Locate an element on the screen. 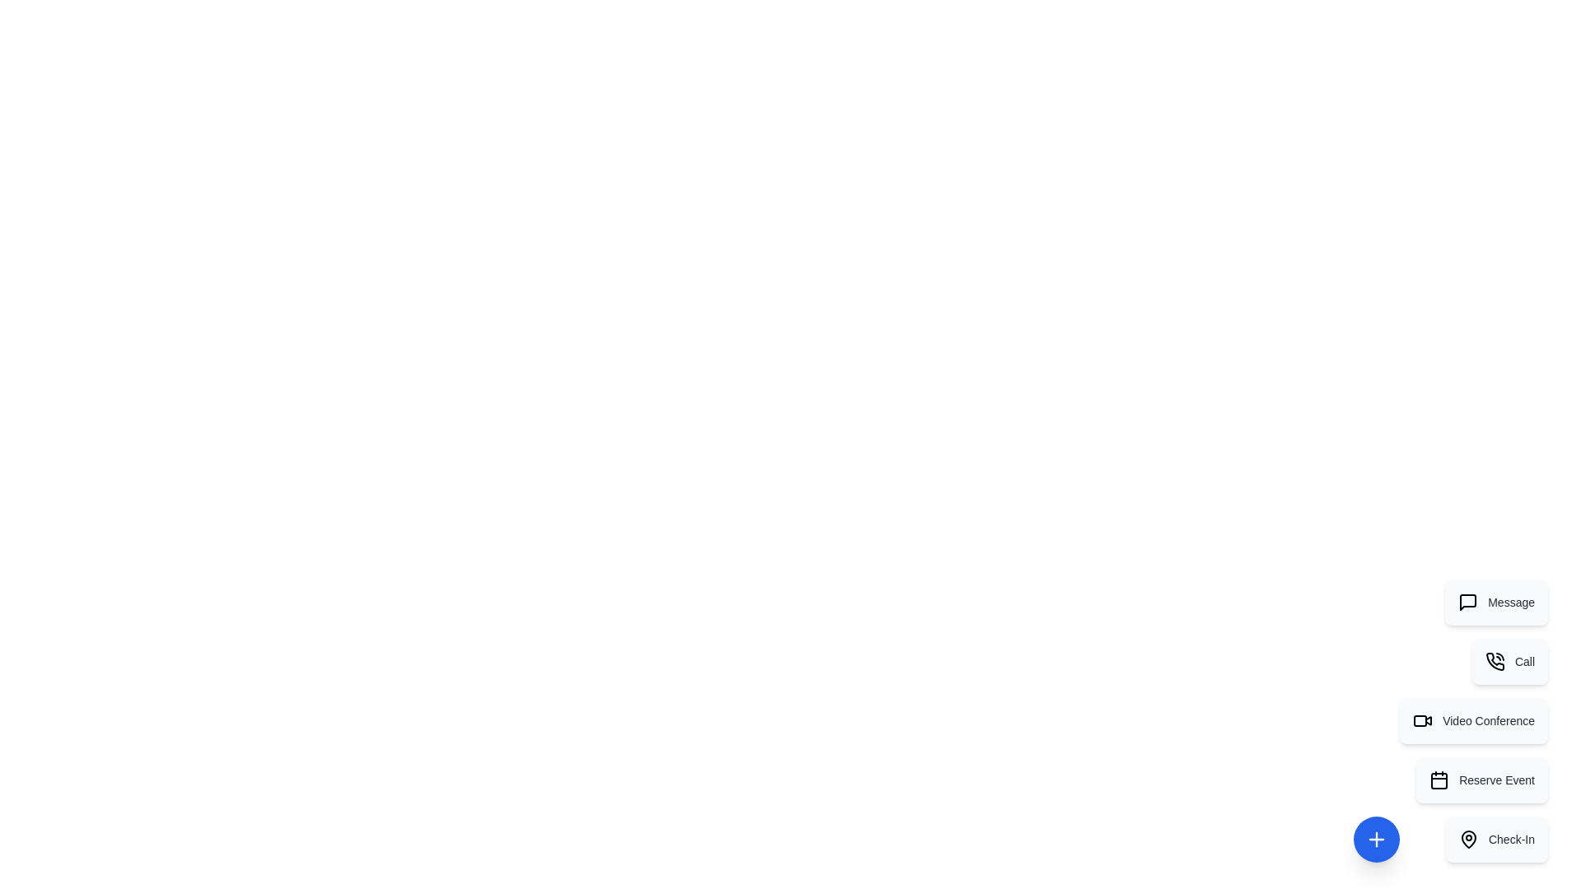  the action item Check-In from the menu is located at coordinates (1497, 839).